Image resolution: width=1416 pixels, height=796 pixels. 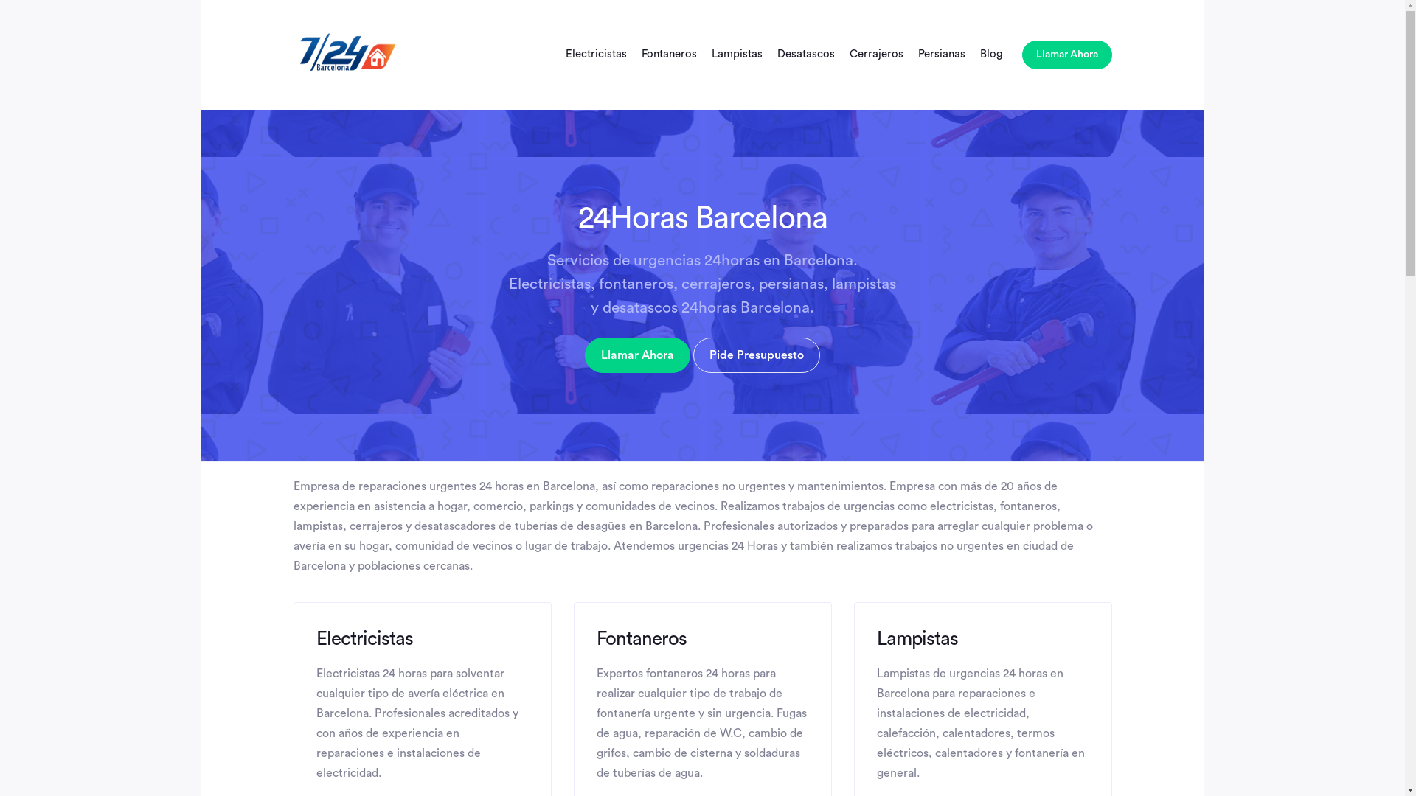 I want to click on 'Llamar Ahora', so click(x=1066, y=54).